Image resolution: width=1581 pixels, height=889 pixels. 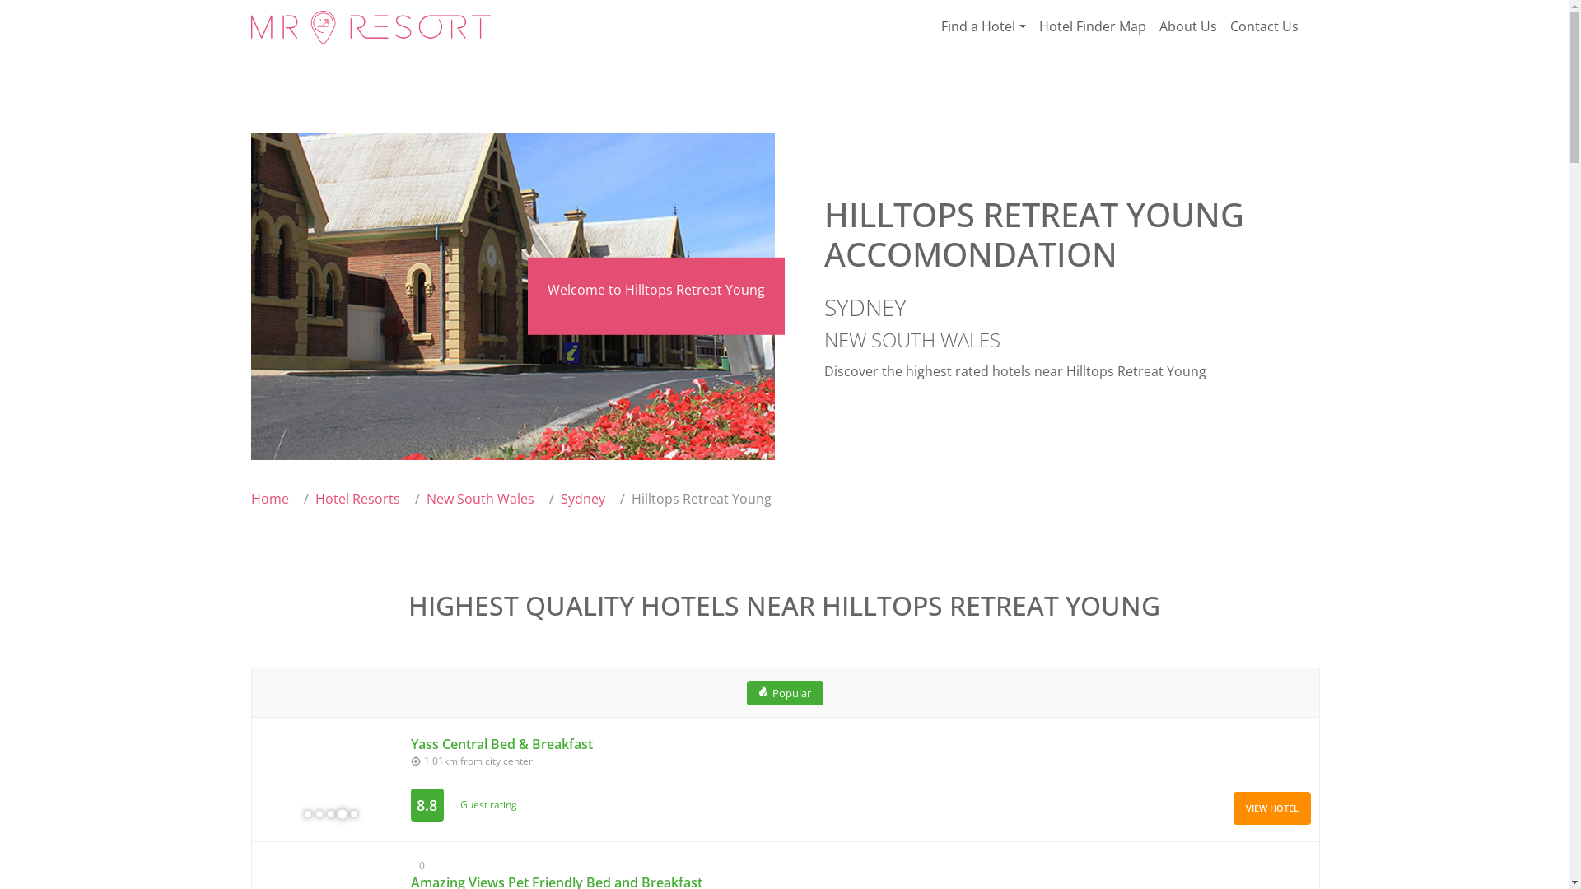 What do you see at coordinates (479, 497) in the screenshot?
I see `'New South Wales'` at bounding box center [479, 497].